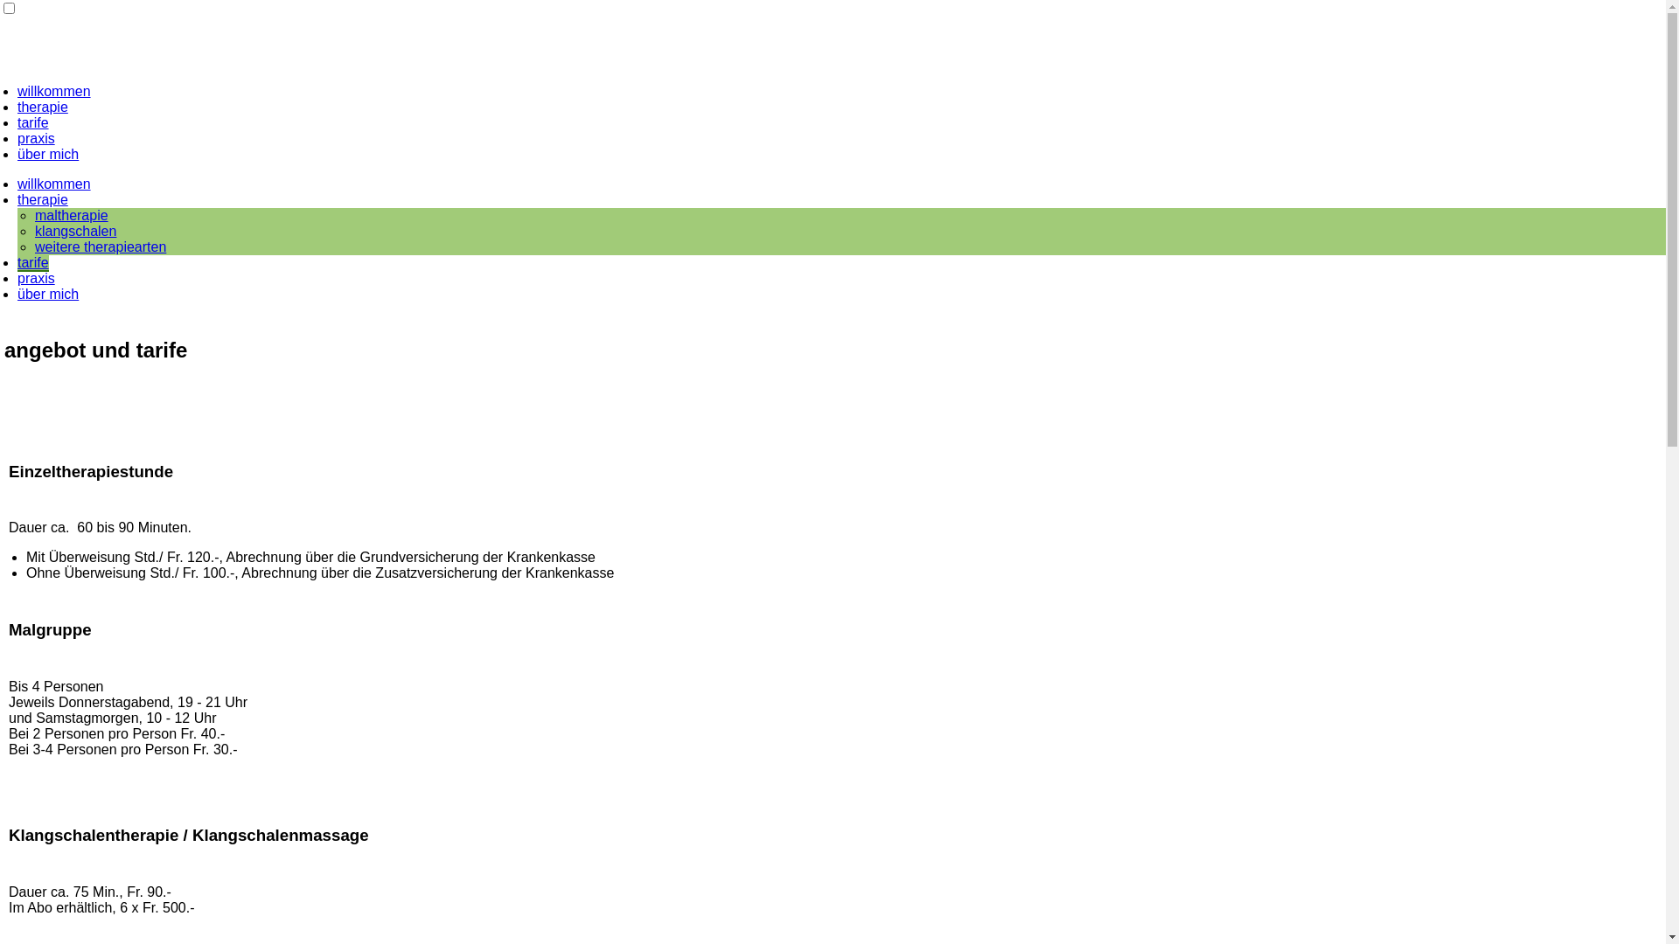  Describe the element at coordinates (74, 230) in the screenshot. I see `'klangschalen'` at that location.